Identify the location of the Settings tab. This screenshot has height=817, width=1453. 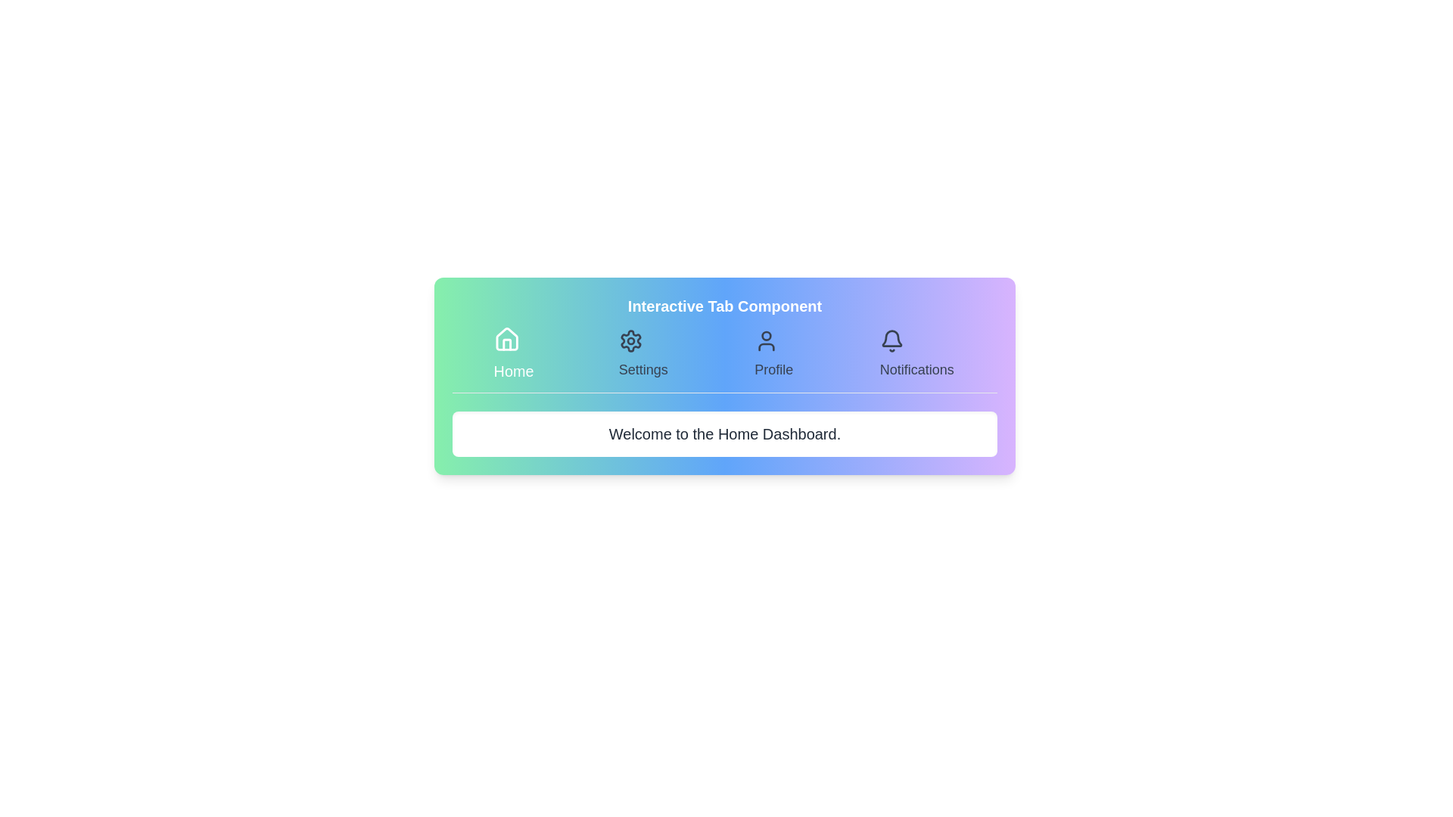
(642, 355).